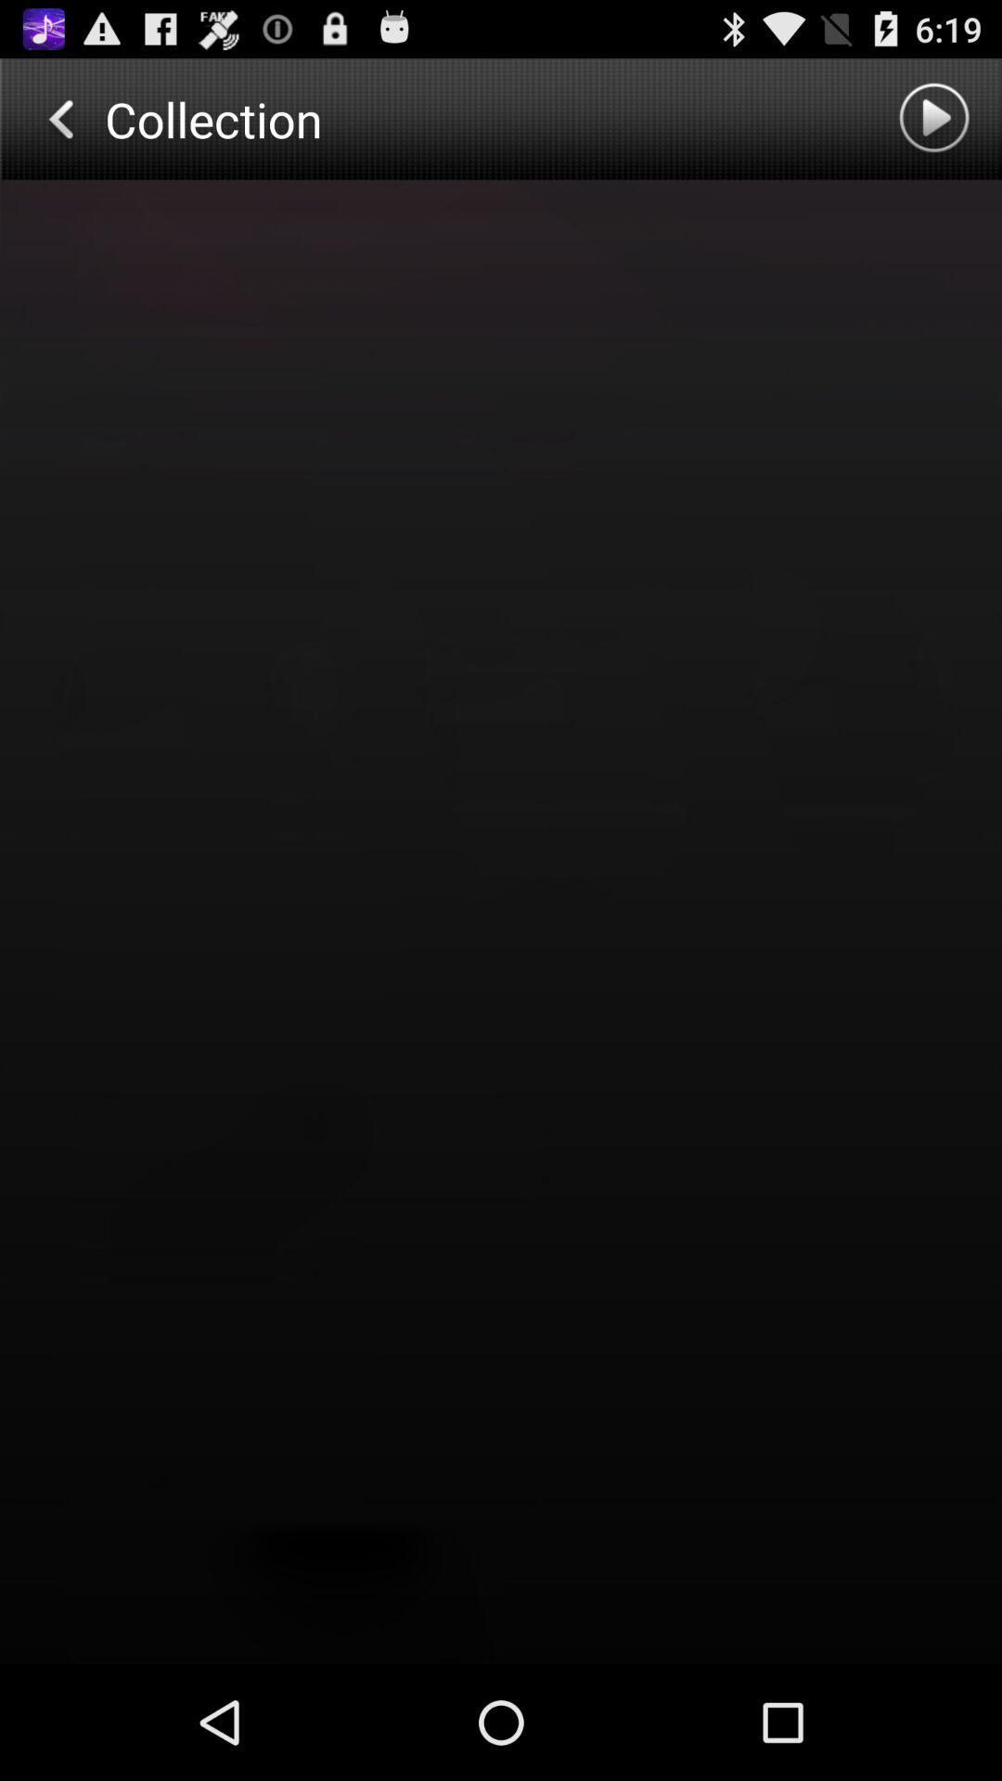 This screenshot has height=1781, width=1002. What do you see at coordinates (58, 126) in the screenshot?
I see `the arrow_backward icon` at bounding box center [58, 126].